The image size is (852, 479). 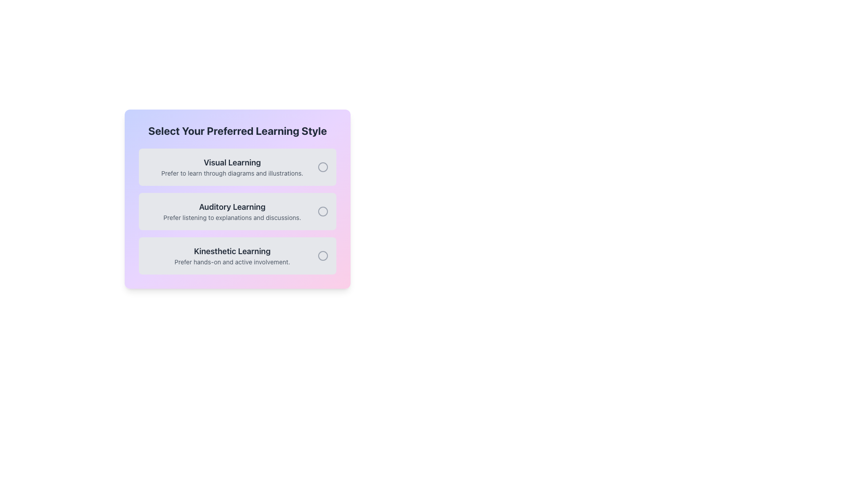 What do you see at coordinates (232, 167) in the screenshot?
I see `the 'Visual Learning' text label` at bounding box center [232, 167].